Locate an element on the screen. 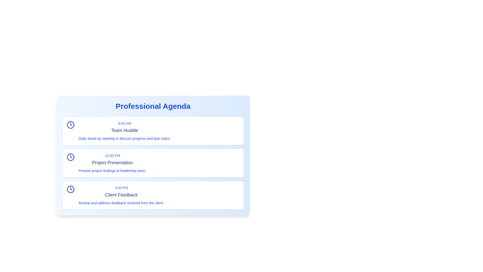 The image size is (483, 272). the text label reading 'Present project findings is located at coordinates (112, 171).